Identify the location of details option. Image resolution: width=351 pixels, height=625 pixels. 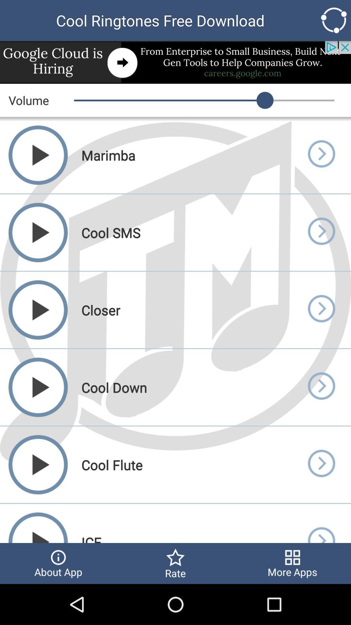
(321, 464).